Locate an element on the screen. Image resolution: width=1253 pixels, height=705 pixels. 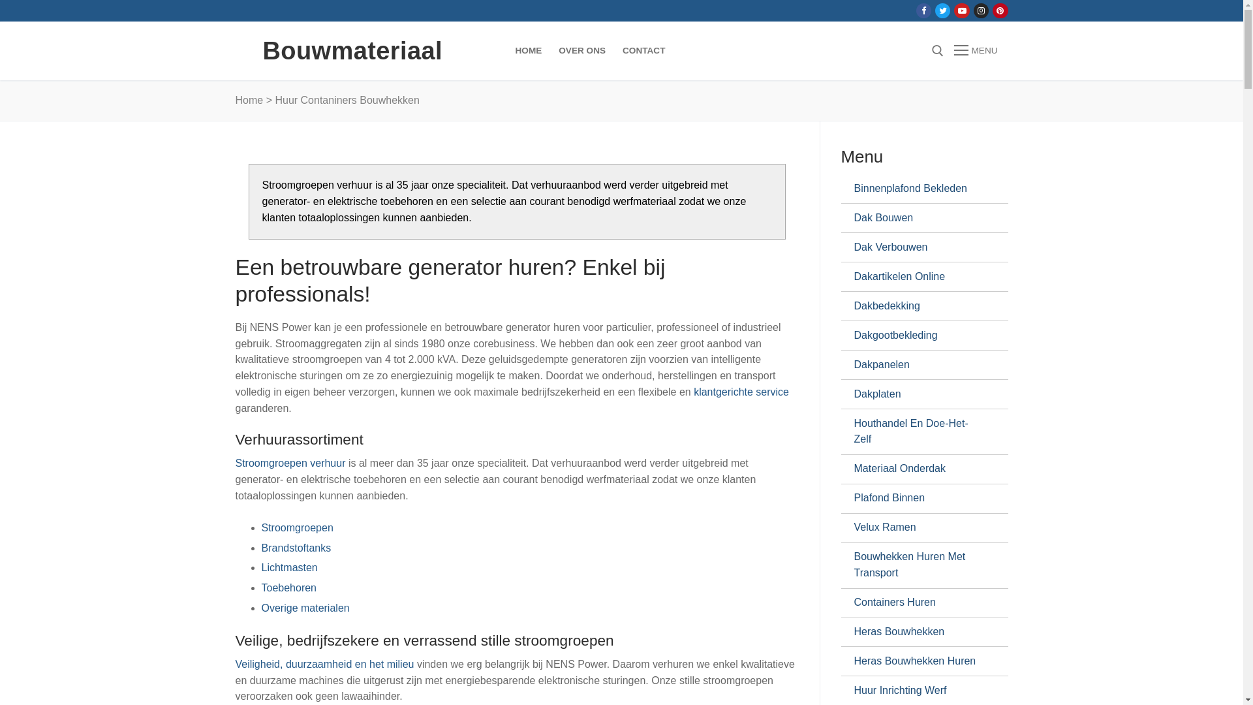
'Dakartikelen Online' is located at coordinates (918, 276).